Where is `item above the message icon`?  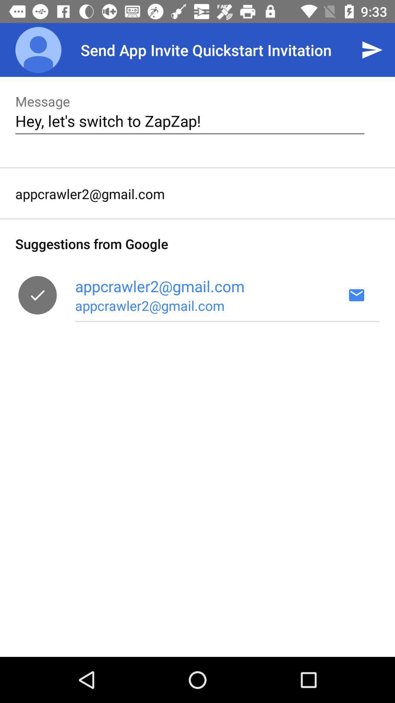
item above the message icon is located at coordinates (38, 49).